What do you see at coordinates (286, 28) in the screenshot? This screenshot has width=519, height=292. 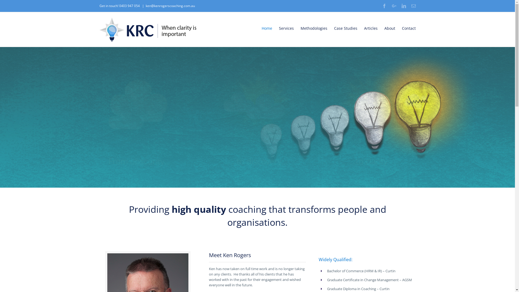 I see `'Services'` at bounding box center [286, 28].